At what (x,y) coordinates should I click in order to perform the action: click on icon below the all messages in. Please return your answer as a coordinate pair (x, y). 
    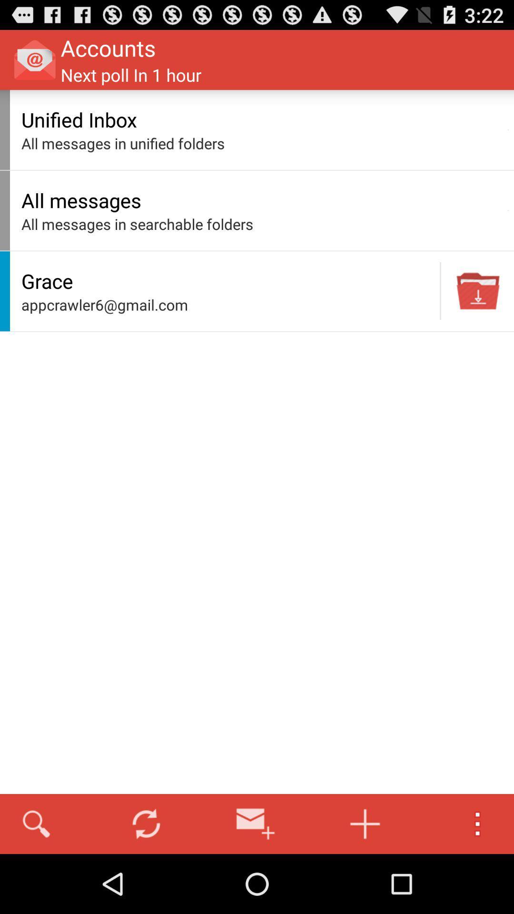
    Looking at the image, I should click on (228, 280).